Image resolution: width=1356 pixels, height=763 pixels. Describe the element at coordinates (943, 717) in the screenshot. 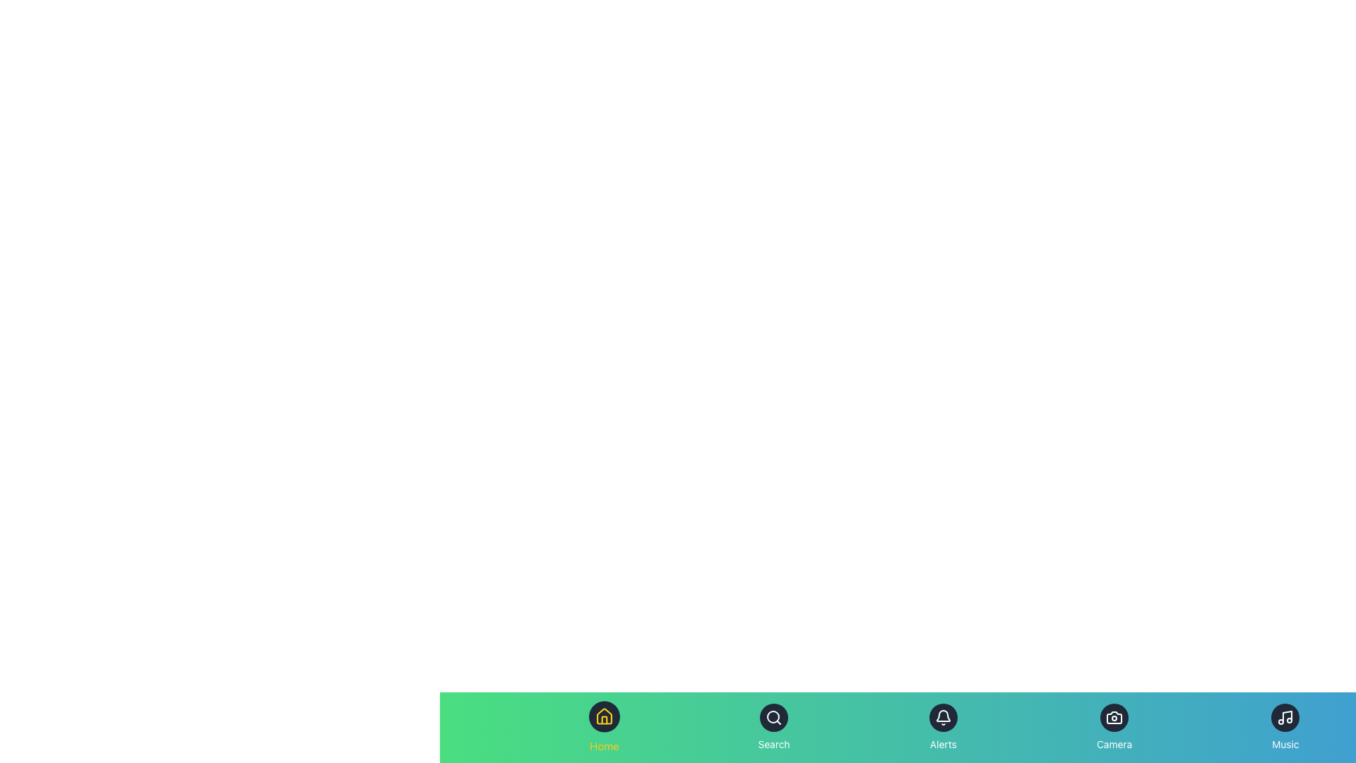

I see `the notifications button located in the bottom menu, third from the left` at that location.